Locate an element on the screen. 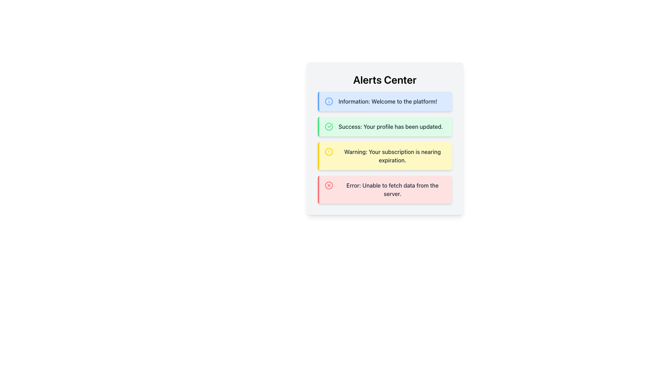  the warning alert icon located in the third row of the alerts list within the 'Alerts Center' section, beside the warning message text is located at coordinates (328, 152).